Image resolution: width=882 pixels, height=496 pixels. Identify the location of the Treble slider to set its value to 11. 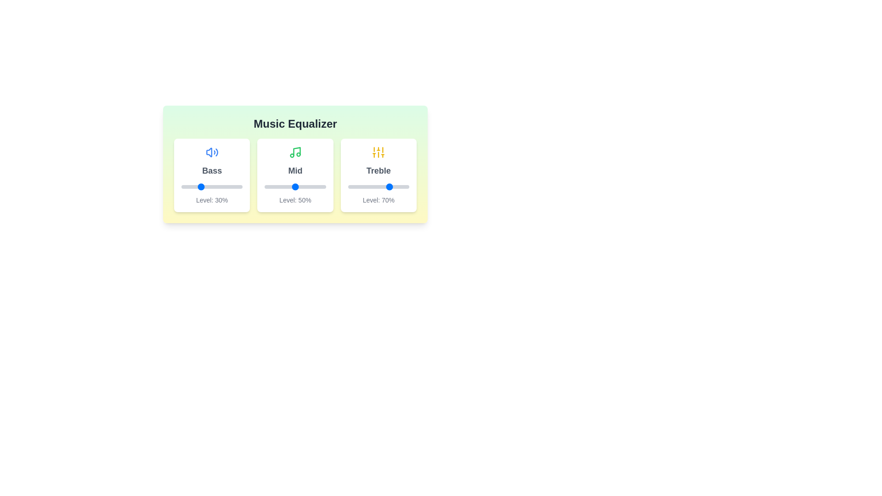
(354, 186).